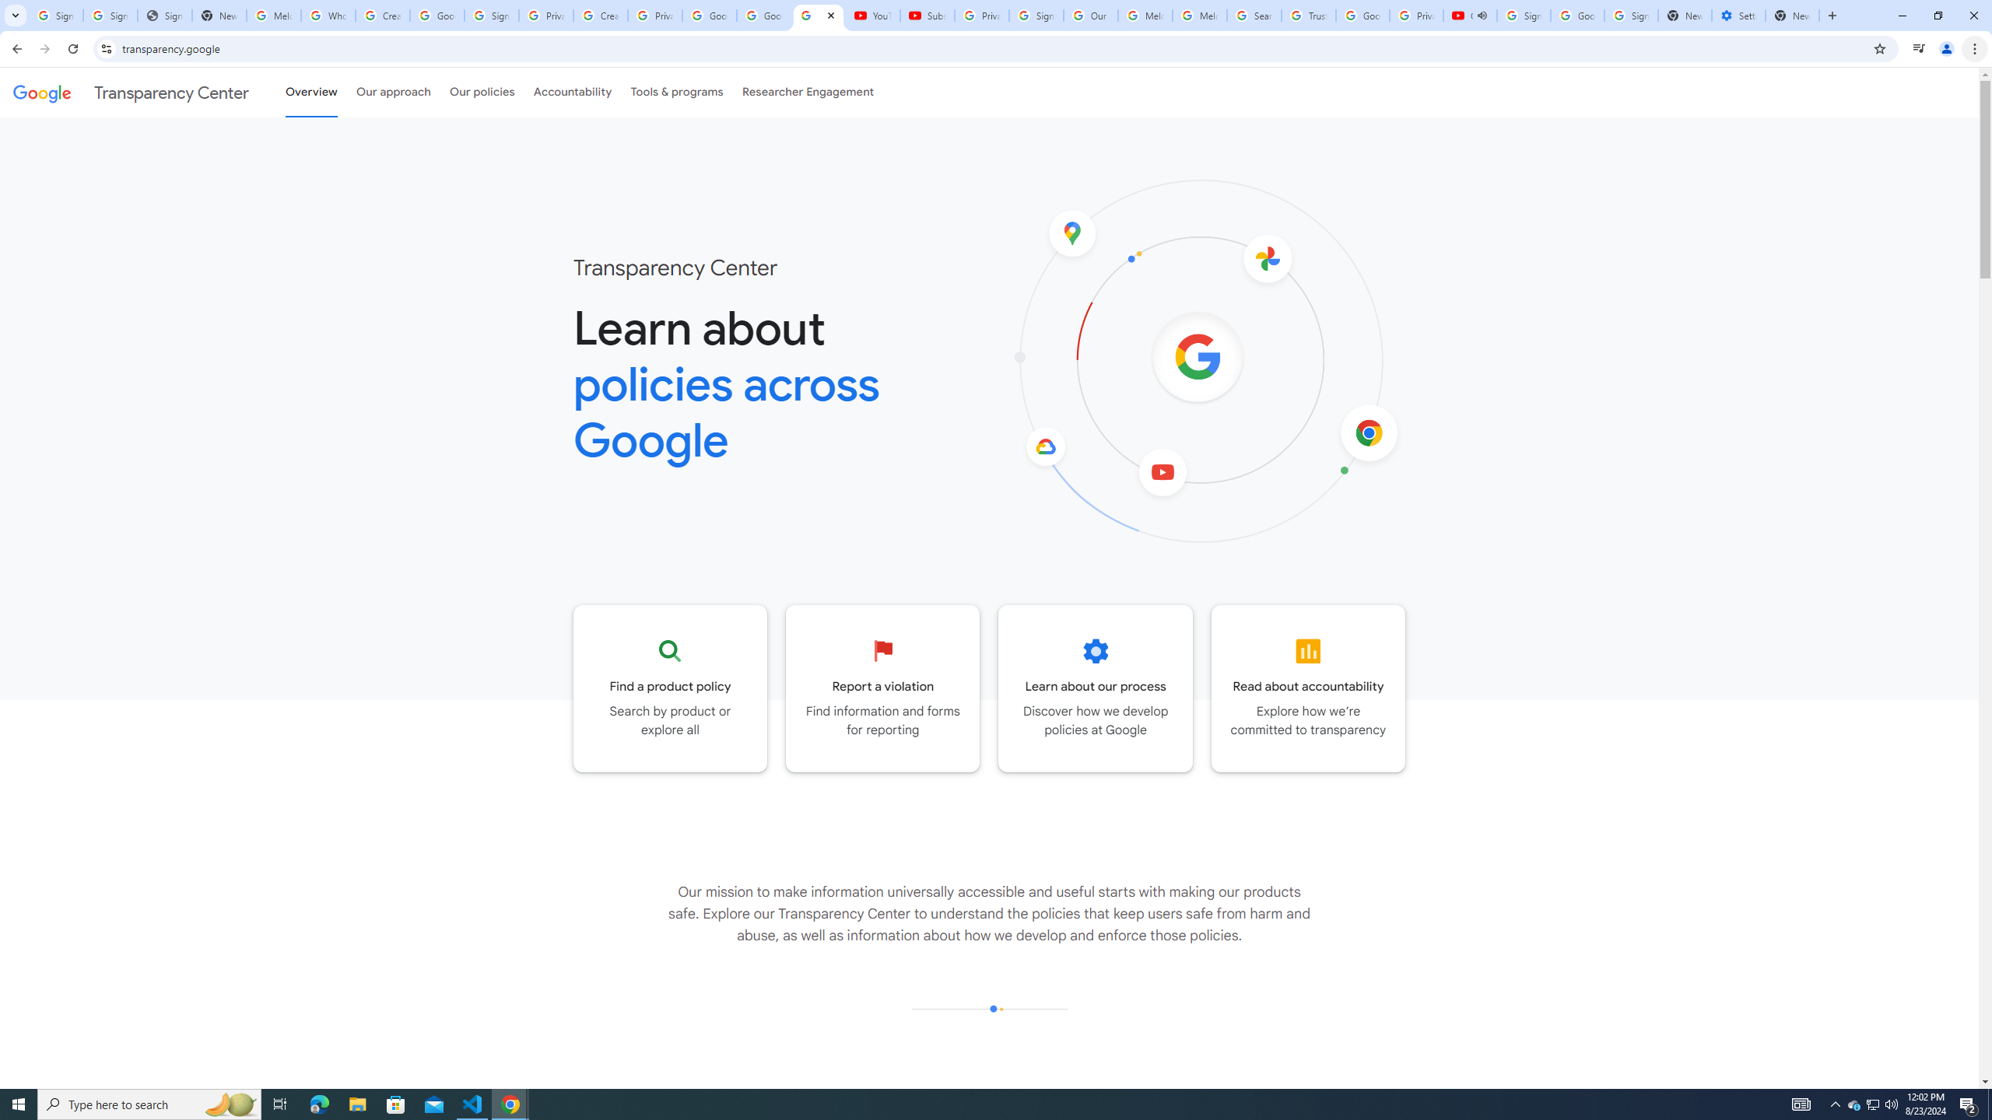  I want to click on 'Sign in - Google Accounts', so click(1523, 15).